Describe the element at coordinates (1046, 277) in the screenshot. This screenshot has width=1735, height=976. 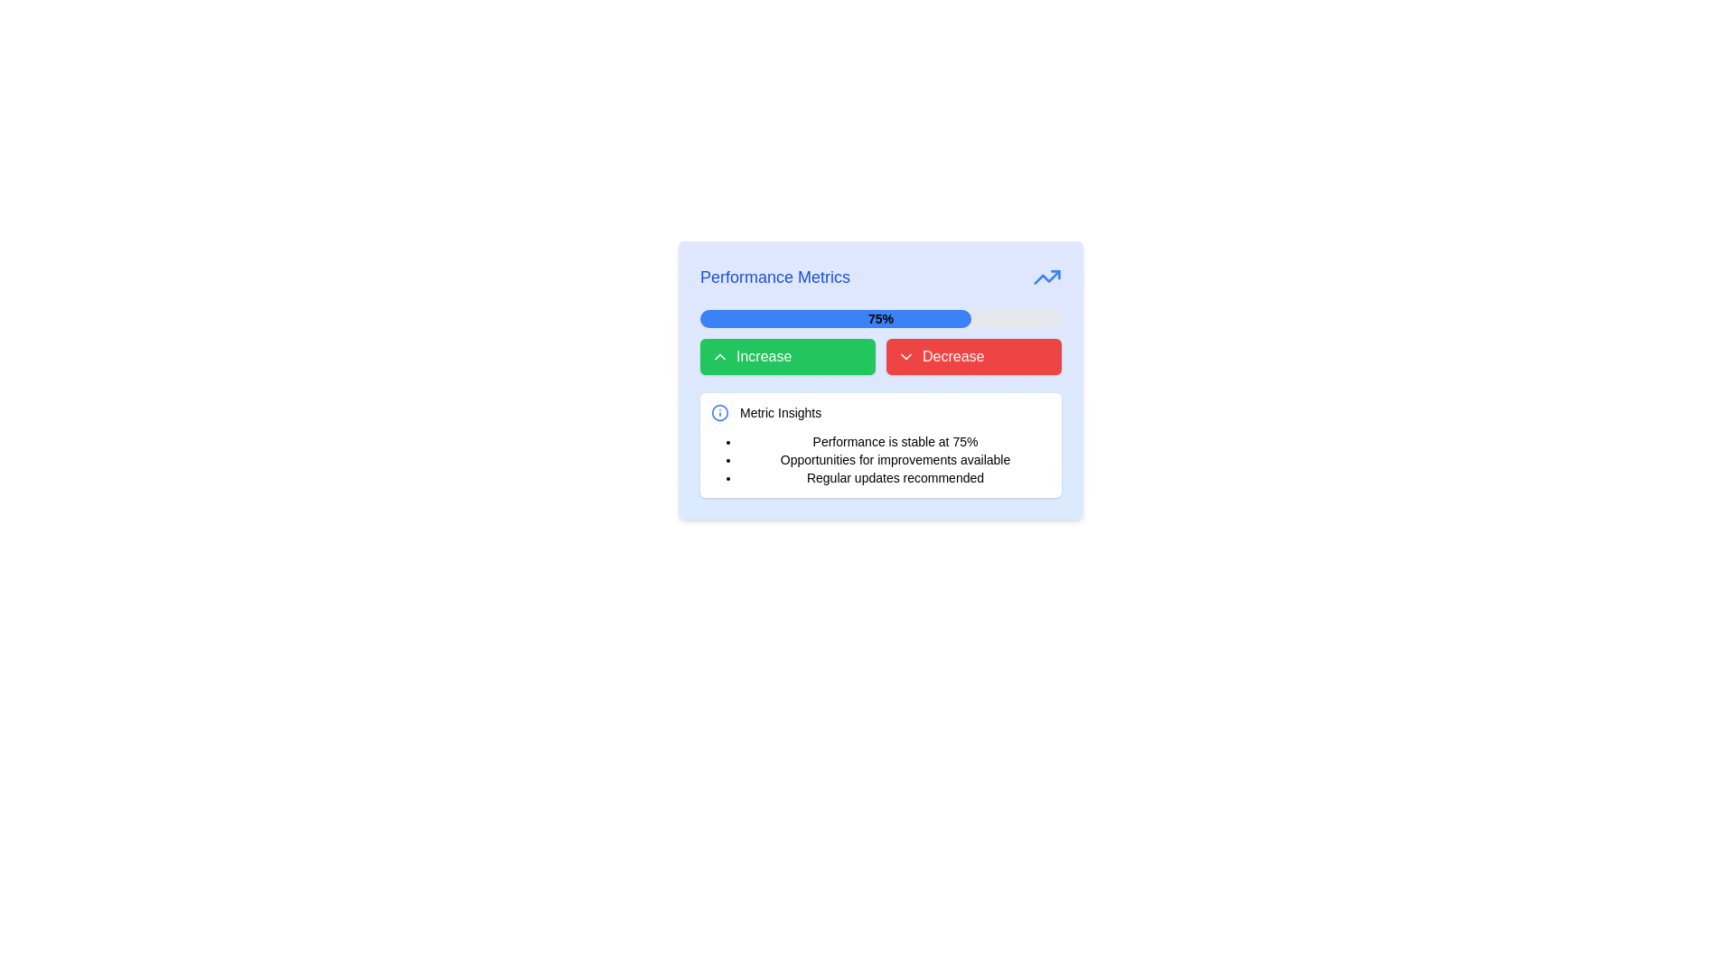
I see `the blue upward trending arrow icon located in the top-right corner of the performance metrics card, which is part of an SVG graphic depicting a trending-up symbol` at that location.